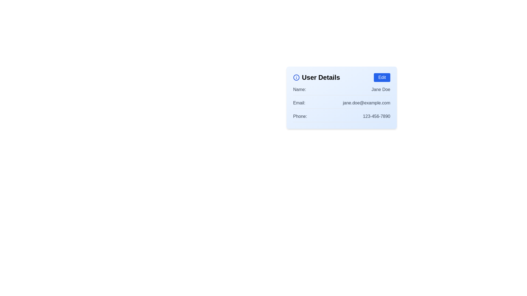 The height and width of the screenshot is (296, 527). What do you see at coordinates (376, 116) in the screenshot?
I see `the informational Text label displaying the user's phone number, located to the right of 'Phone:' in the 'User Details' section` at bounding box center [376, 116].